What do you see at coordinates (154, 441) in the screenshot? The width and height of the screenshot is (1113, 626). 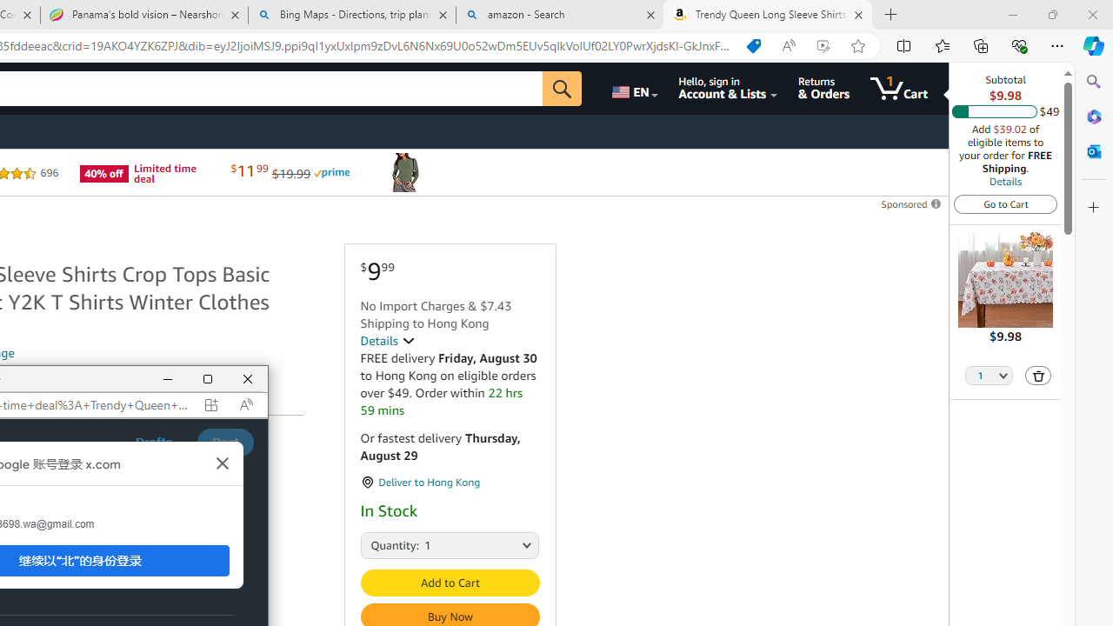 I see `'Drafts'` at bounding box center [154, 441].